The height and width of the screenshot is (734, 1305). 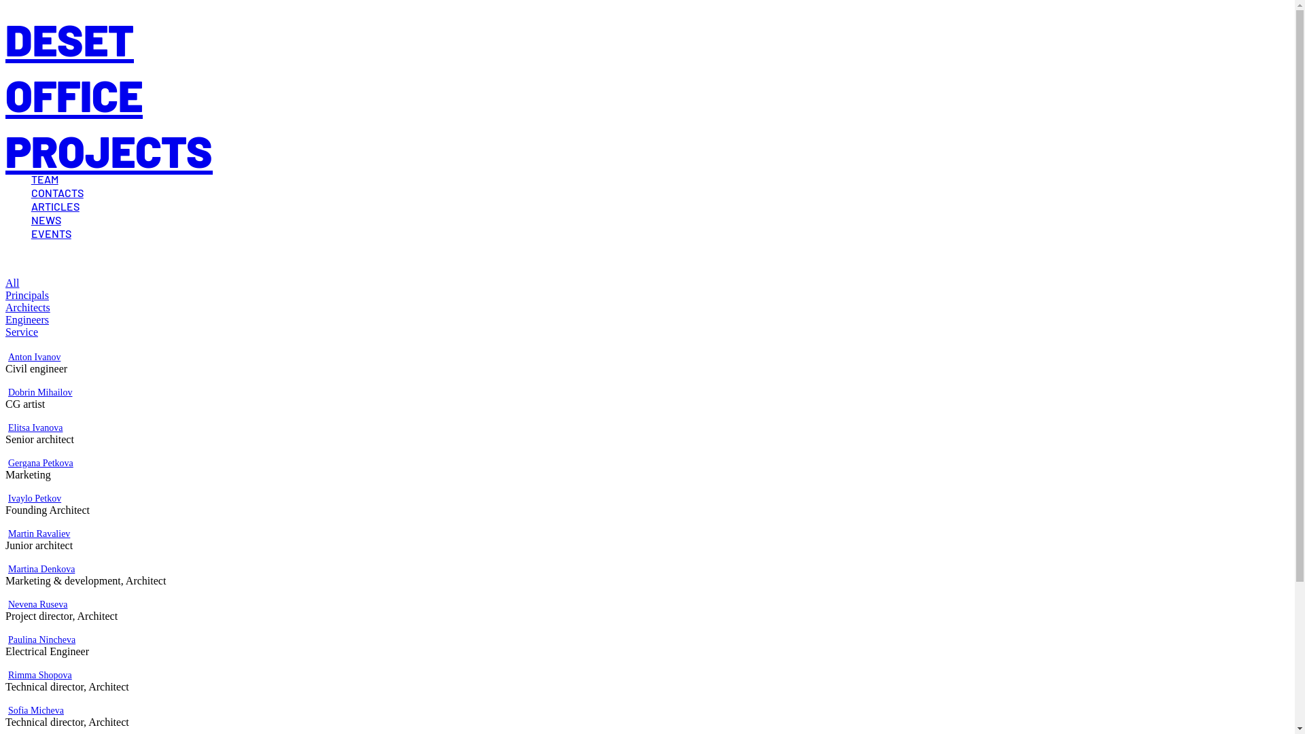 I want to click on 'Architects', so click(x=28, y=307).